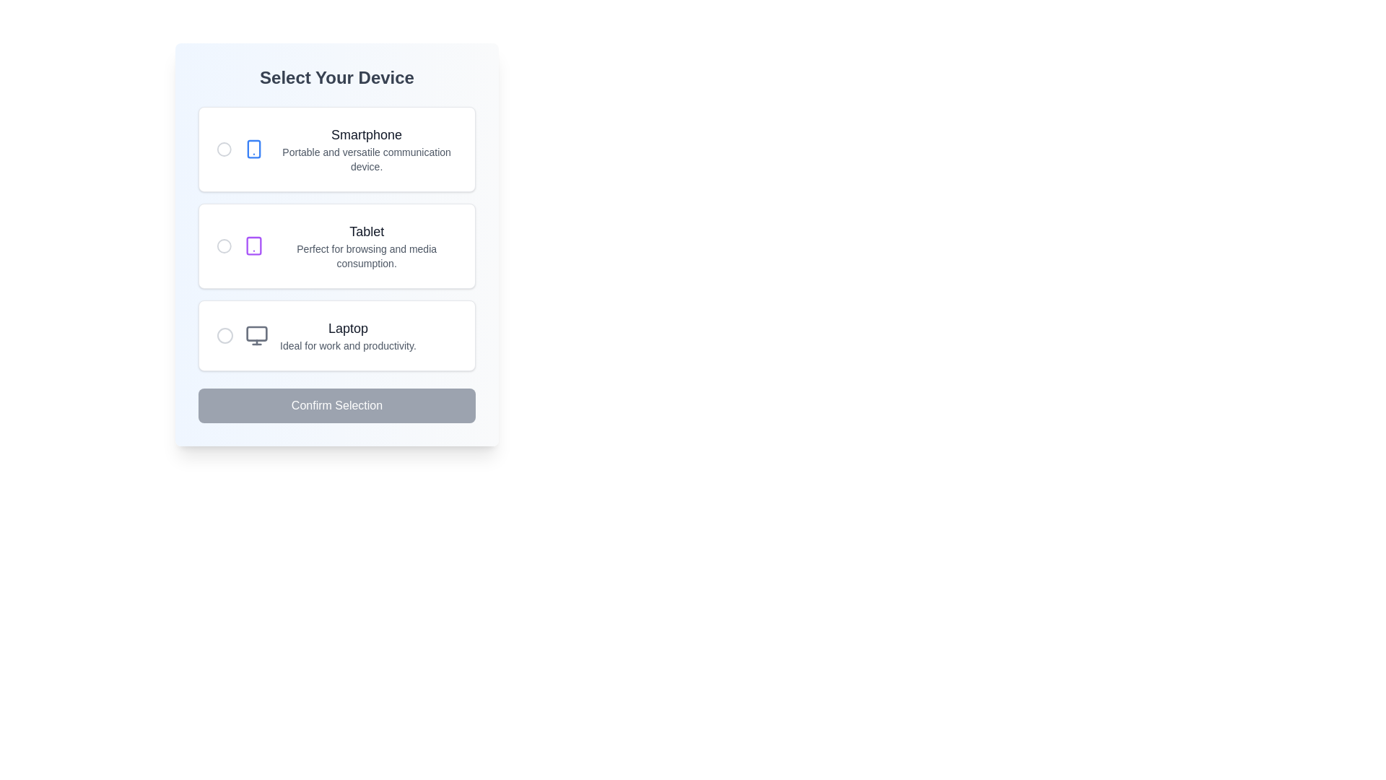  I want to click on to select the 'Tablet' option in the selectable device list, which features a purple tablet icon and descriptive text stating 'Perfect for browsing and media consumption.', so click(336, 245).